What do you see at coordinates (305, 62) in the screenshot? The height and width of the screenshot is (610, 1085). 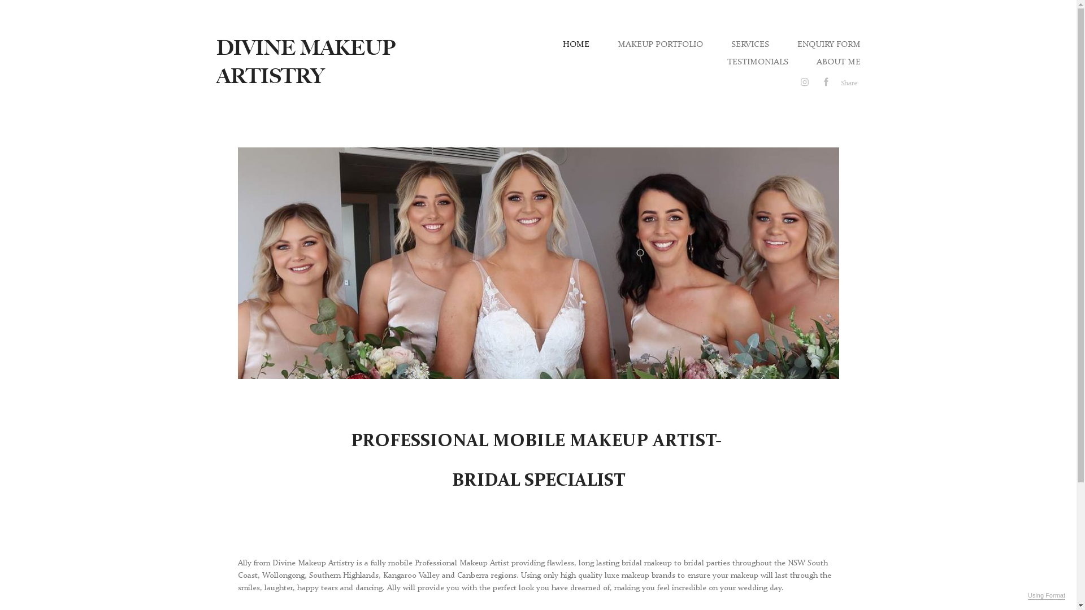 I see `'DIVINE MAKEUP ARTISTRY'` at bounding box center [305, 62].